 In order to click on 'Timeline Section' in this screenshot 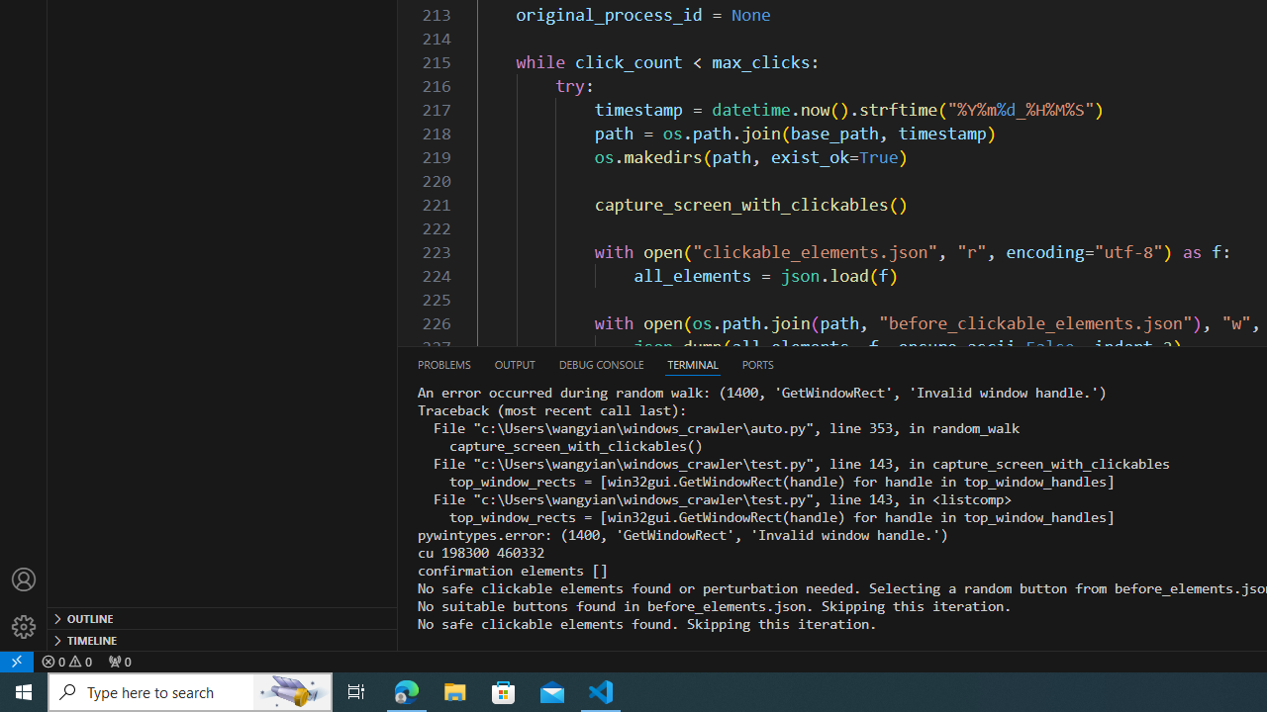, I will do `click(222, 639)`.